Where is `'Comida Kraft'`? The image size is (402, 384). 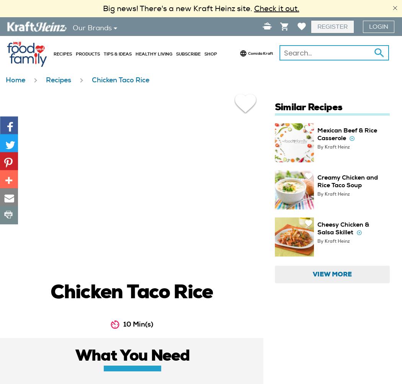
'Comida Kraft' is located at coordinates (247, 52).